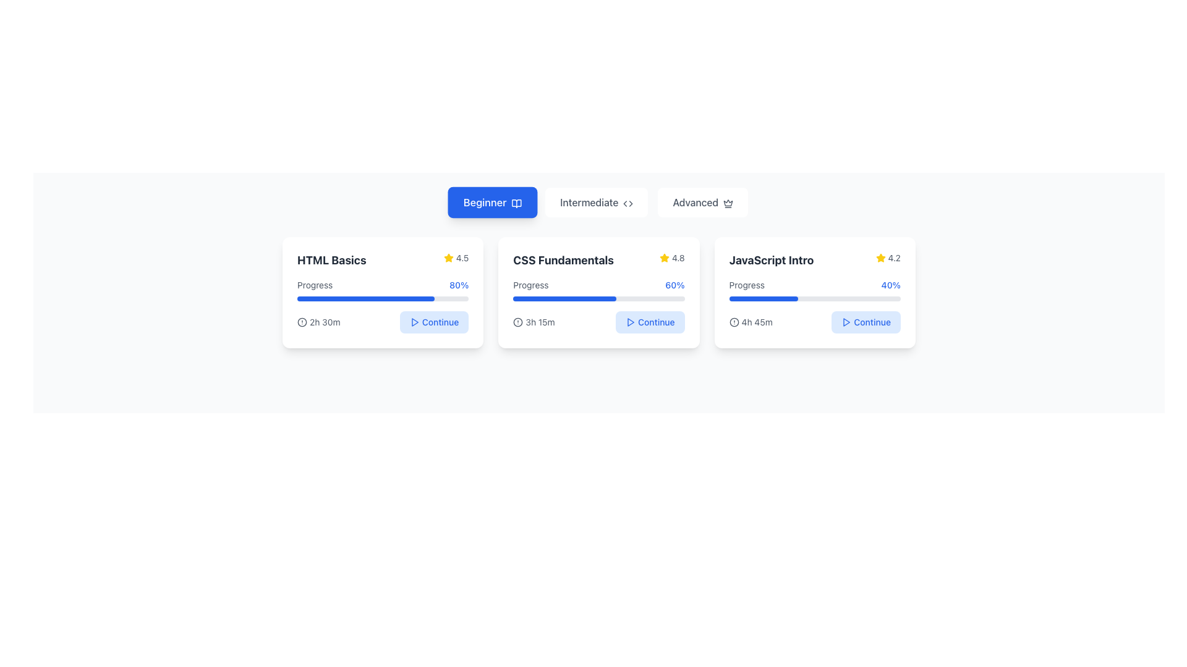 This screenshot has height=667, width=1187. What do you see at coordinates (887, 257) in the screenshot?
I see `the Rating display component, which consists of a yellow star icon followed by the text '4.2', located in the top-right corner of the 'JavaScript Intro' card` at bounding box center [887, 257].